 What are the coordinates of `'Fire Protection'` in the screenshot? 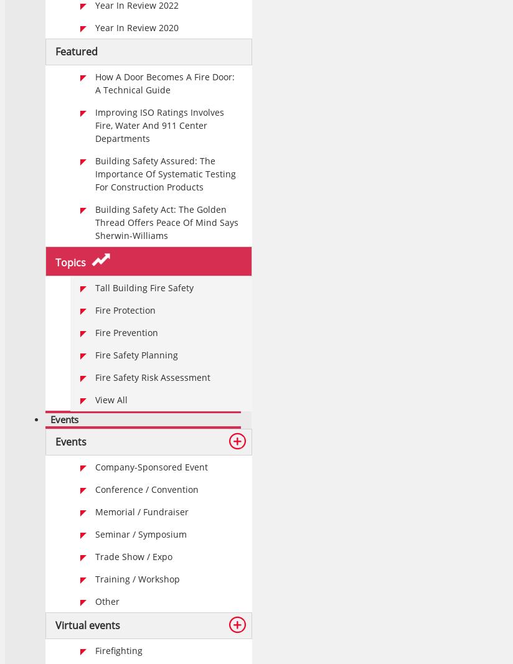 It's located at (125, 309).